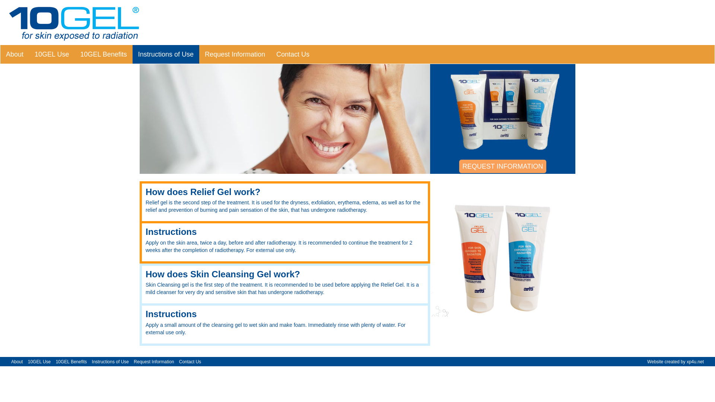  I want to click on 'About', so click(17, 361).